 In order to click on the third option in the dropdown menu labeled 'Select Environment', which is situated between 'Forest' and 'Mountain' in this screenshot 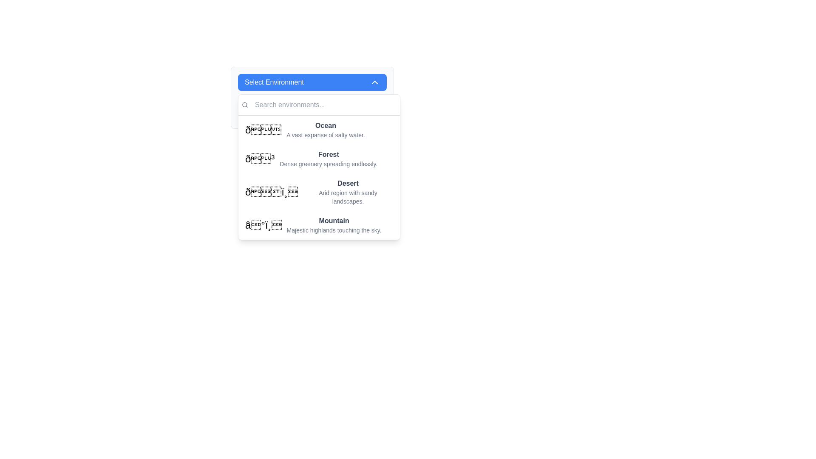, I will do `click(348, 192)`.